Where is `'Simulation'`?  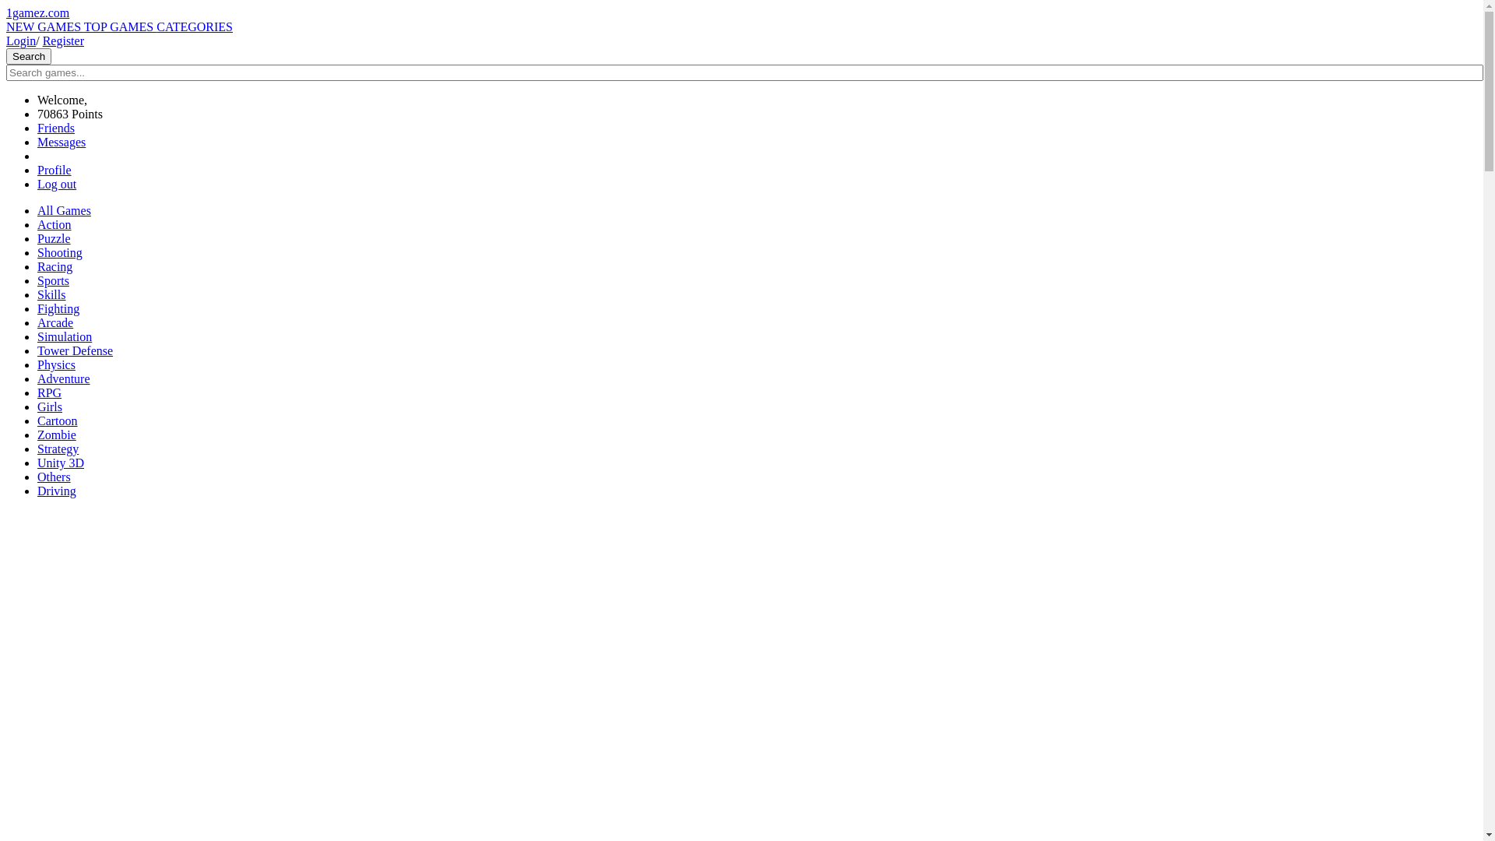 'Simulation' is located at coordinates (63, 336).